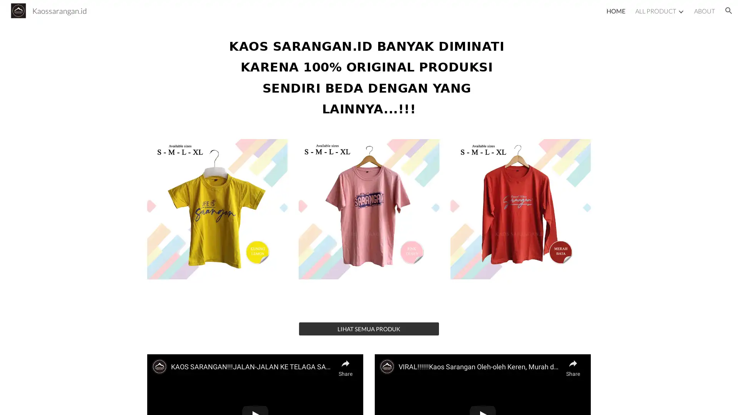  I want to click on Report abuse, so click(92, 401).